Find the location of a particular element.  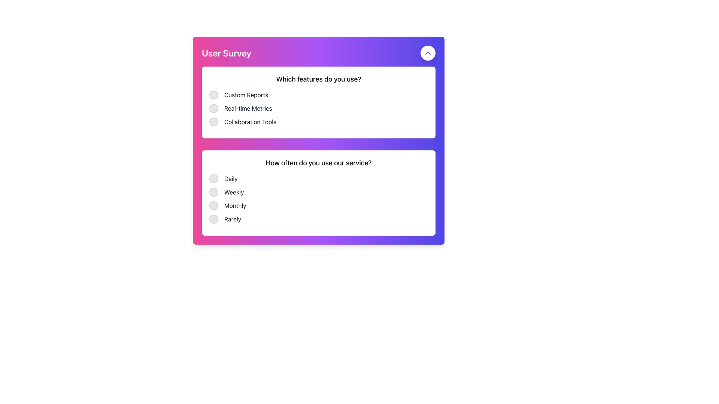

the heading or label text that serves as a prompt for the survey question, located in the lower half of the highlighted survey form is located at coordinates (318, 162).